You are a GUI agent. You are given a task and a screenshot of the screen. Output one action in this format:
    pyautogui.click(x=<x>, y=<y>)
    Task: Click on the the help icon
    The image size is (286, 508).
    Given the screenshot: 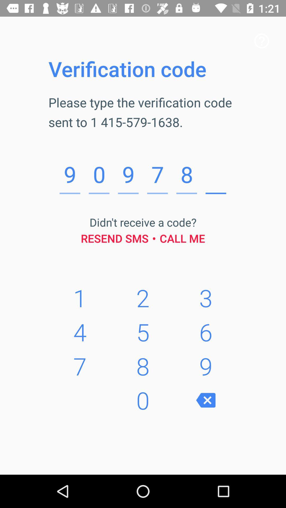 What is the action you would take?
    pyautogui.click(x=261, y=40)
    